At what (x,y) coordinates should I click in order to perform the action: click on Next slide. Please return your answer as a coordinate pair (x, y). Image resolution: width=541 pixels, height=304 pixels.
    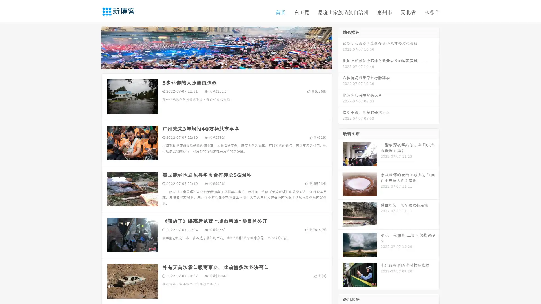
    Looking at the image, I should click on (340, 47).